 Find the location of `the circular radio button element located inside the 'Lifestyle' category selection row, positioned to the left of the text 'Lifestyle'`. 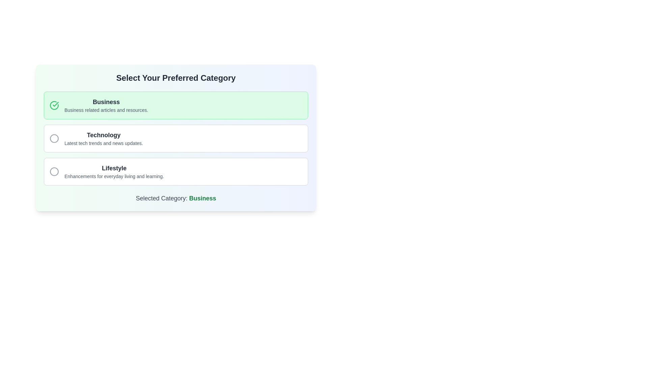

the circular radio button element located inside the 'Lifestyle' category selection row, positioned to the left of the text 'Lifestyle' is located at coordinates (54, 171).